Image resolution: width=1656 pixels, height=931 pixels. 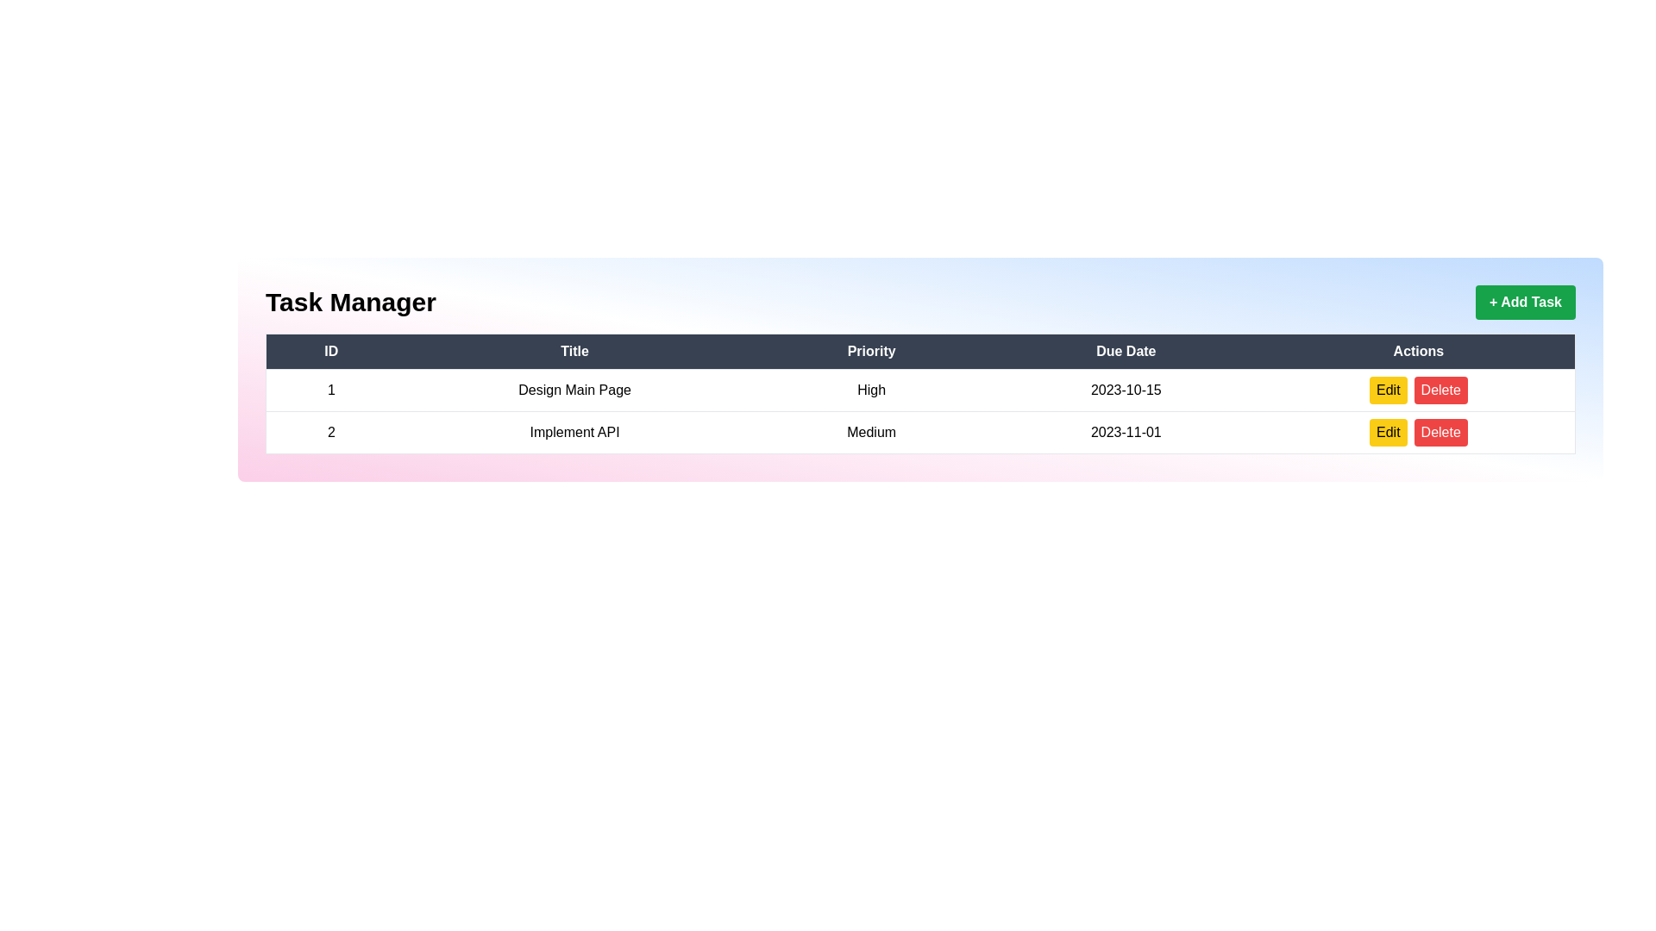 What do you see at coordinates (1126, 431) in the screenshot?
I see `the Text label displaying the date '2023-11-01' located in the second row under the 'Due Date' column of the task titled 'Implement API.'` at bounding box center [1126, 431].